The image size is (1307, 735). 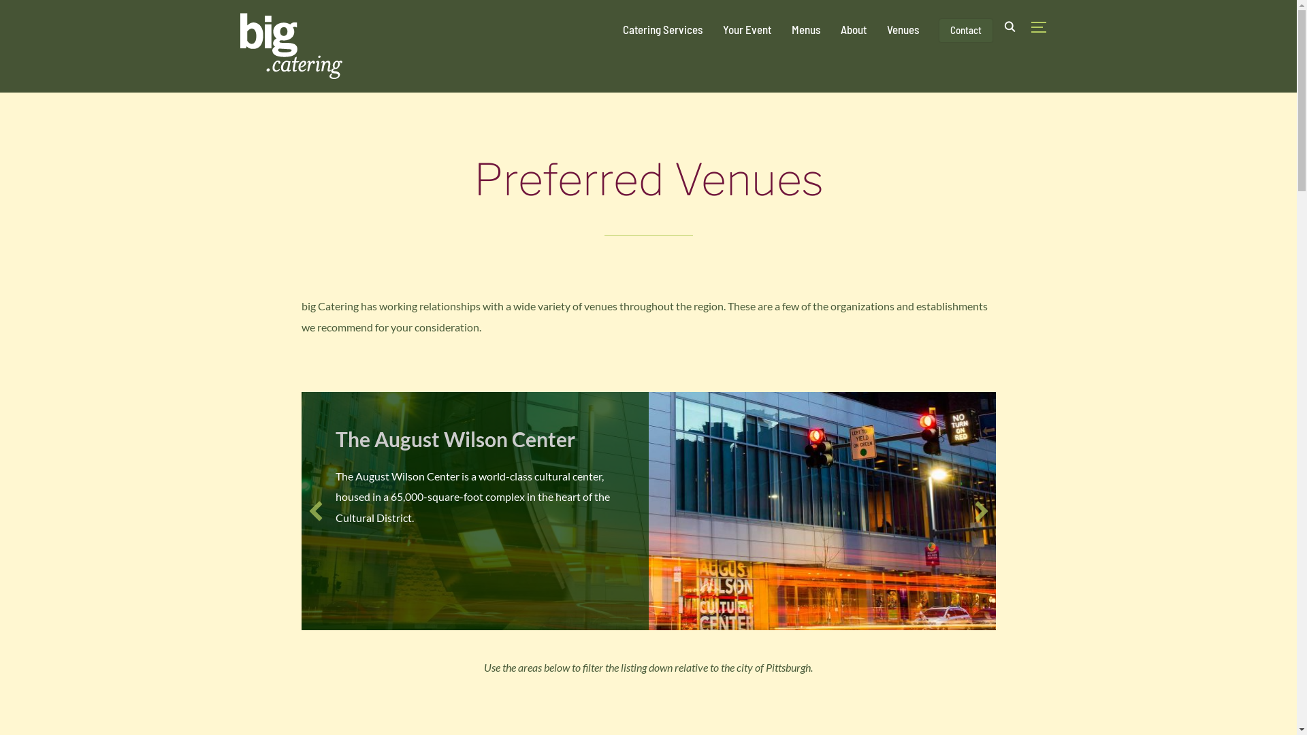 What do you see at coordinates (902, 29) in the screenshot?
I see `'Venues'` at bounding box center [902, 29].